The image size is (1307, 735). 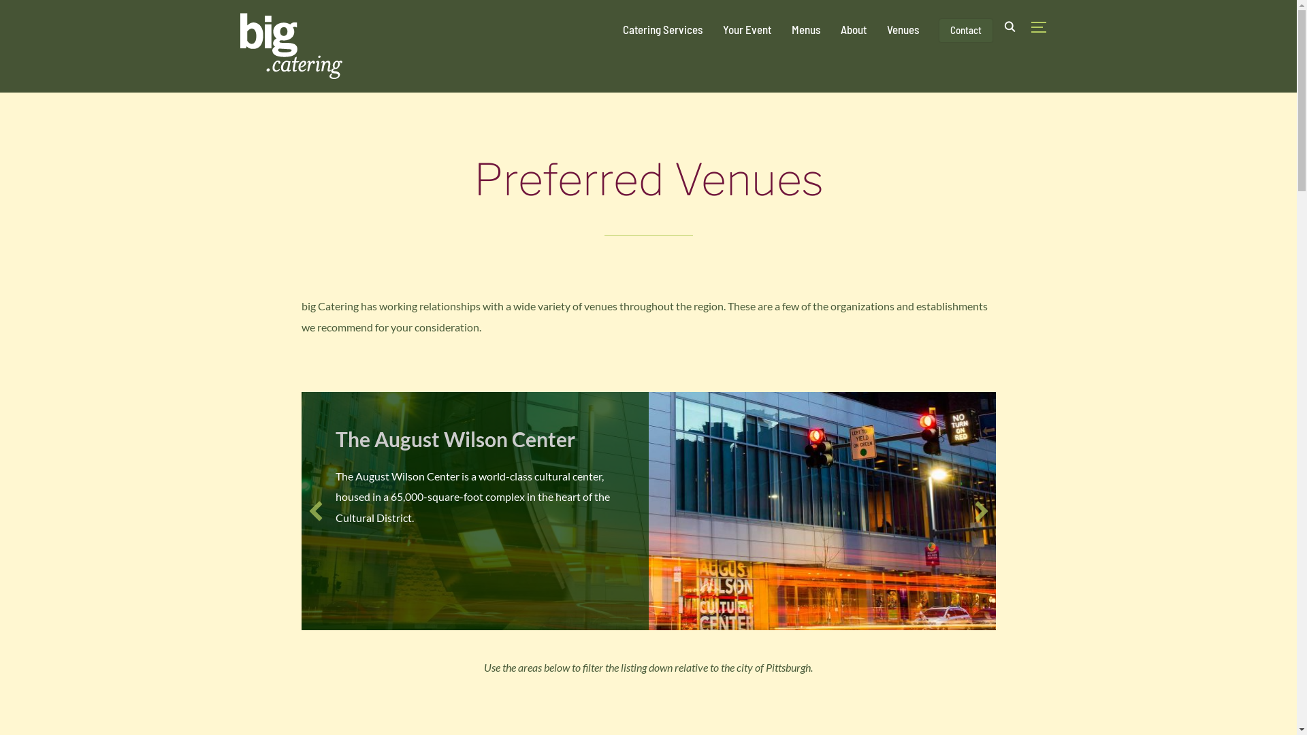 What do you see at coordinates (902, 29) in the screenshot?
I see `'Venues'` at bounding box center [902, 29].